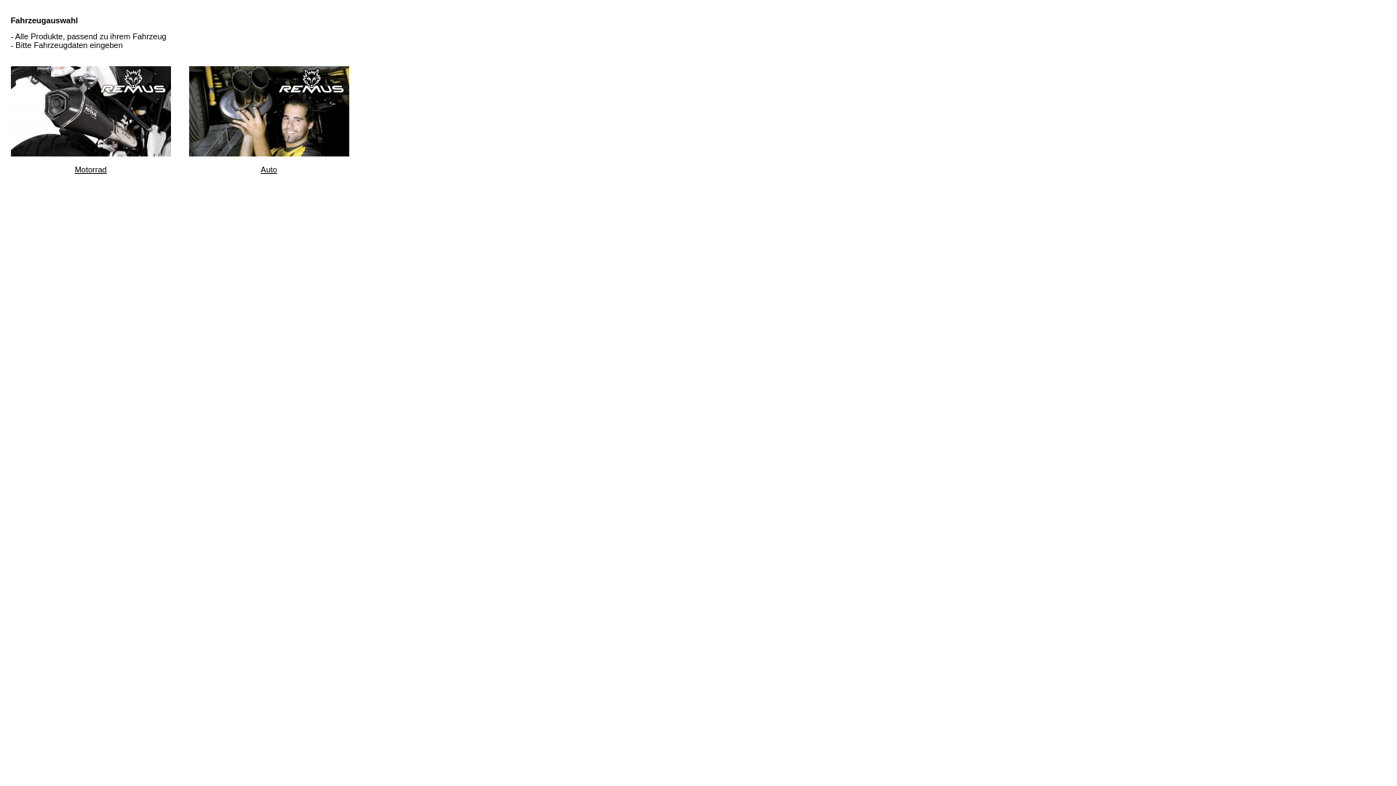  Describe the element at coordinates (89, 119) in the screenshot. I see `'Motorrad'` at that location.